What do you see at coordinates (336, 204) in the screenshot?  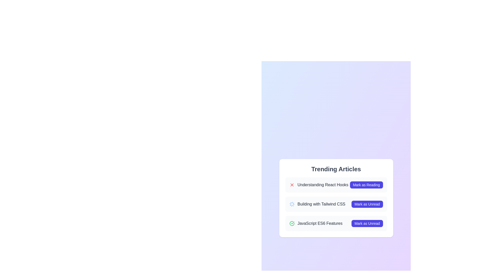 I see `title text of the second item in the 'Trending Articles' list, which includes a label, an icon, and an action button to mark the article as unread` at bounding box center [336, 204].